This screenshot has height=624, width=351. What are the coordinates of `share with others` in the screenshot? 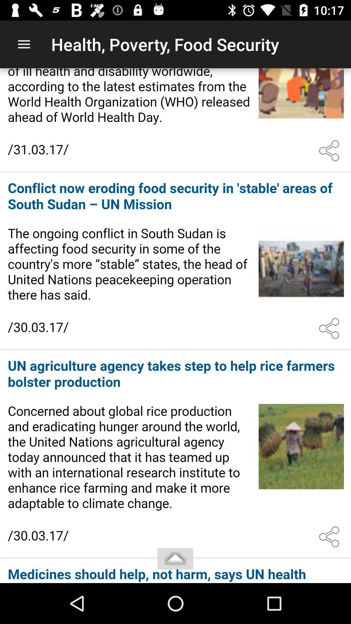 It's located at (331, 537).